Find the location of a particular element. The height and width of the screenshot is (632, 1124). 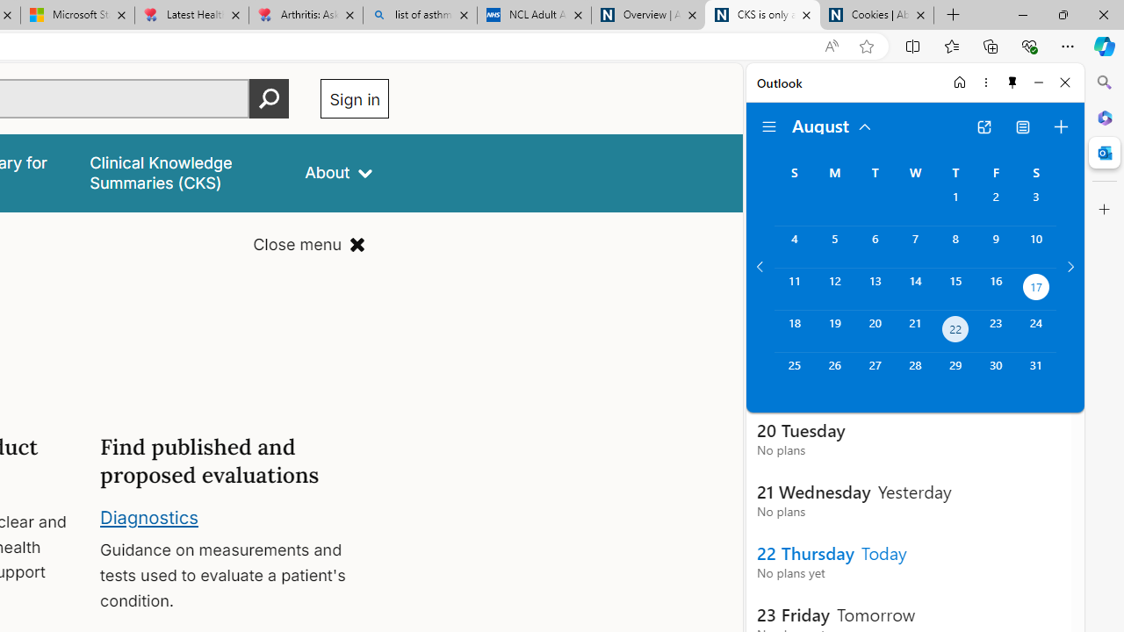

'Tuesday, August 13, 2024. ' is located at coordinates (875, 288).